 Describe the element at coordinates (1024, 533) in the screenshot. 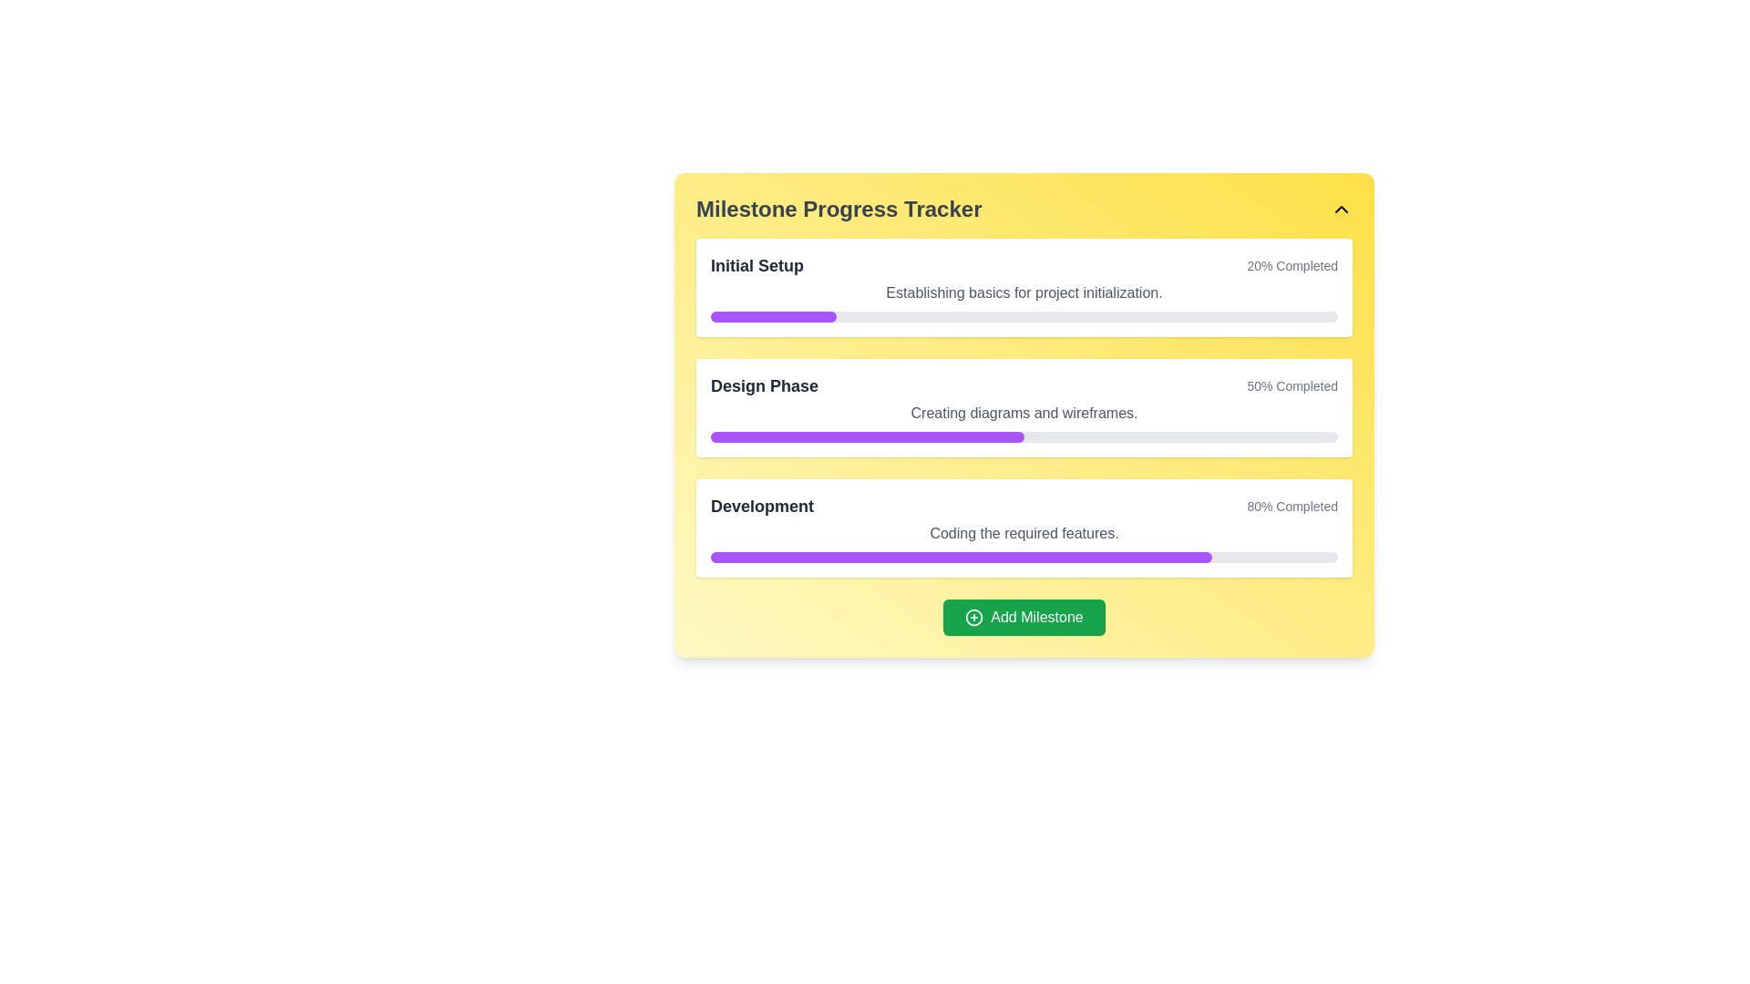

I see `the text label displaying 'Coding the required features.' which is styled in a smaller gray font and is positioned below the 'Development' label and '80% Completed' tracker` at that location.